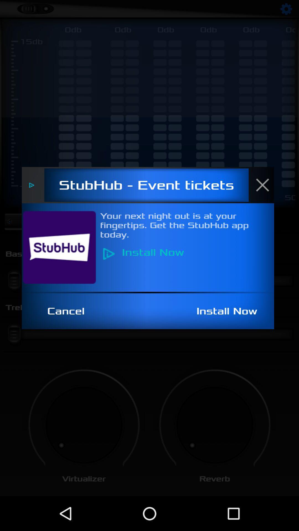  I want to click on the window, so click(265, 185).